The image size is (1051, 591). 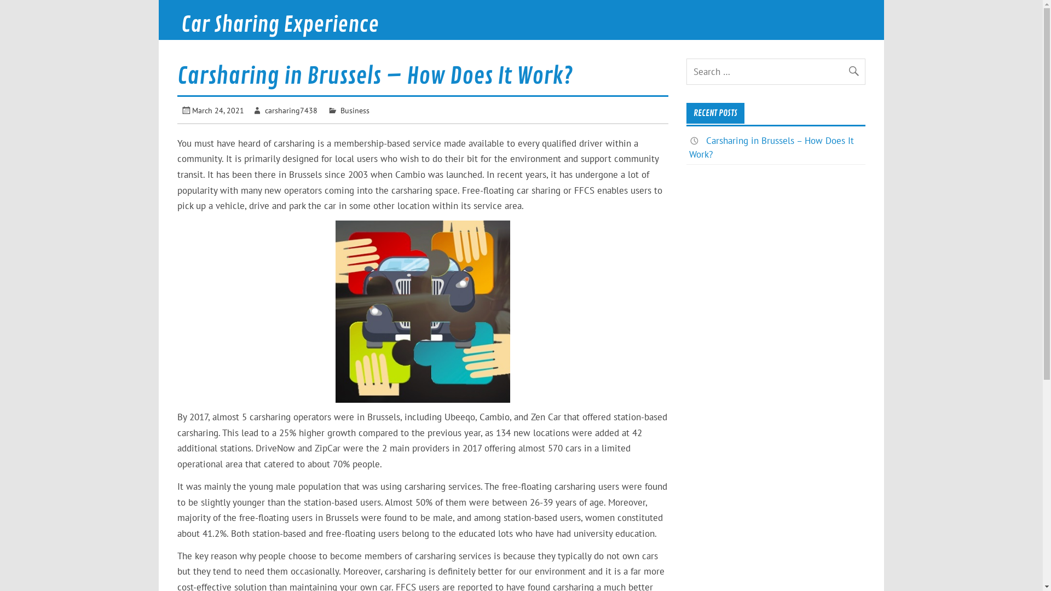 I want to click on 'March 24, 2021', so click(x=218, y=110).